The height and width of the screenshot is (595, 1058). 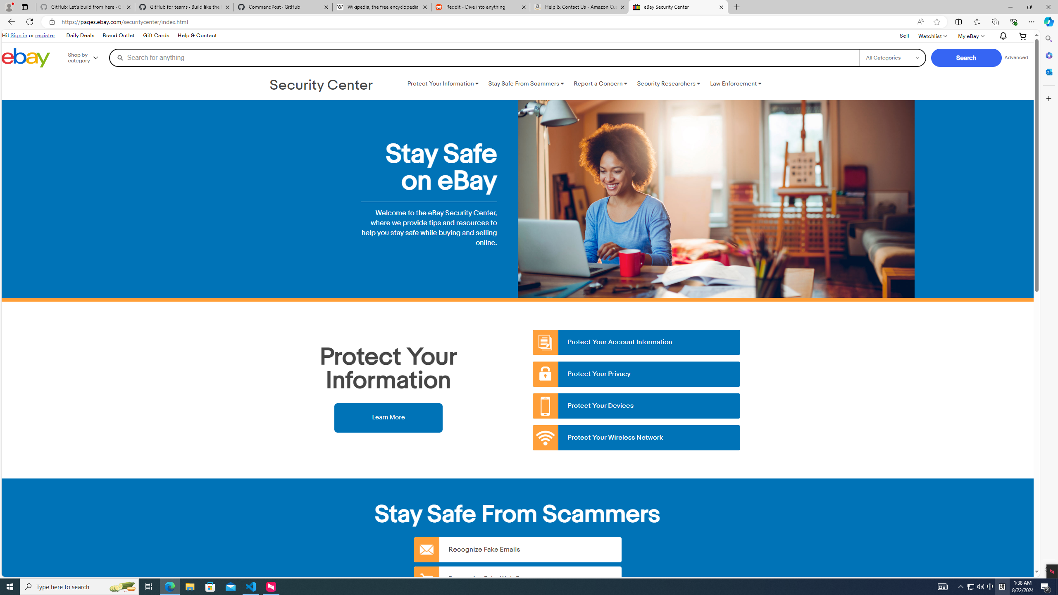 What do you see at coordinates (636, 374) in the screenshot?
I see `'Protect Your Privacy'` at bounding box center [636, 374].